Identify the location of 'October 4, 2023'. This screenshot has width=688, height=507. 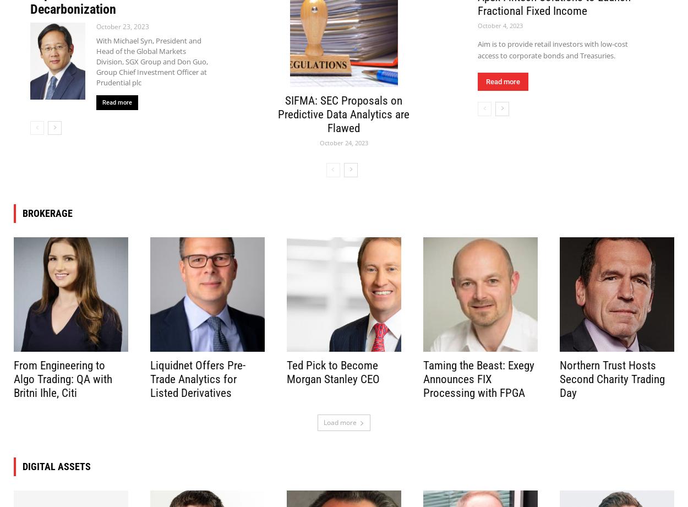
(500, 25).